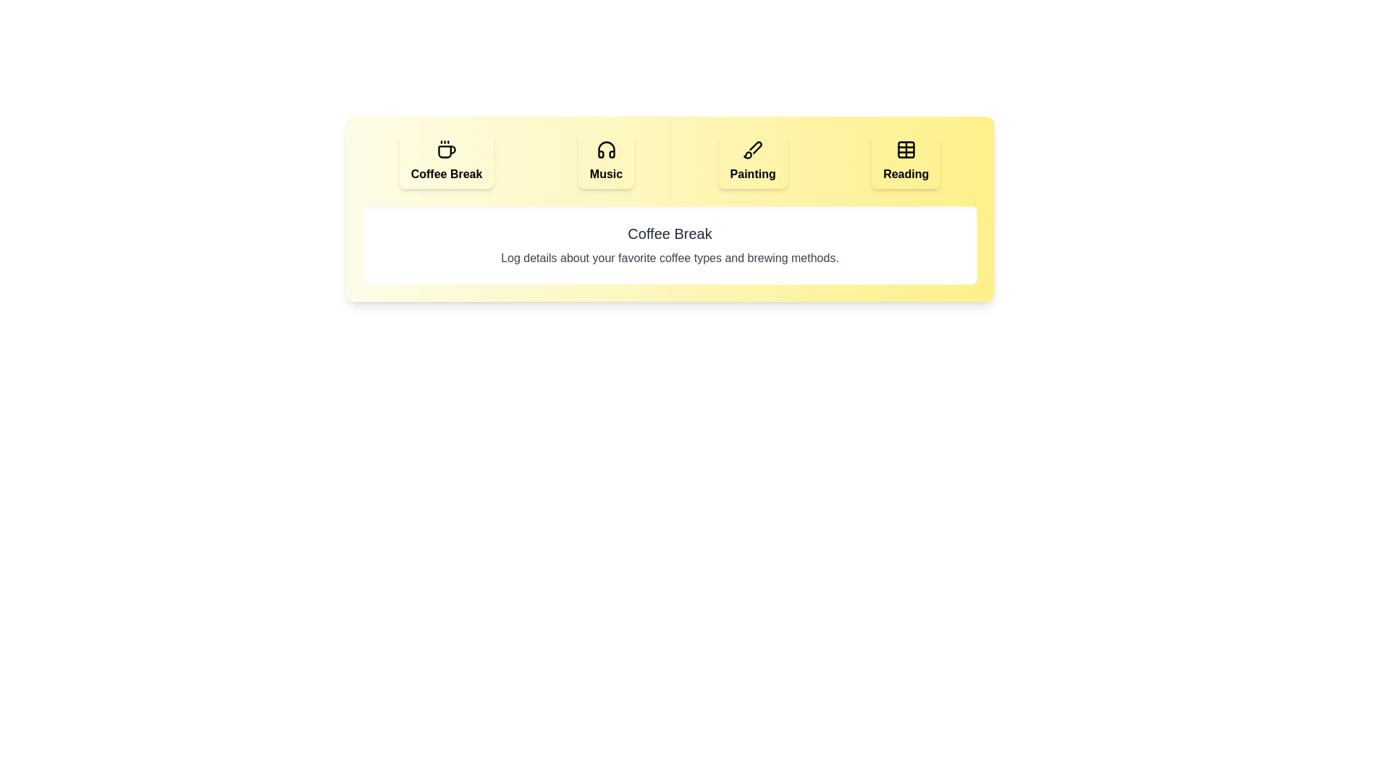 The width and height of the screenshot is (1390, 782). What do you see at coordinates (446, 150) in the screenshot?
I see `the 'Coffee Break' SVG icon located at the leftmost position in the selection widget` at bounding box center [446, 150].